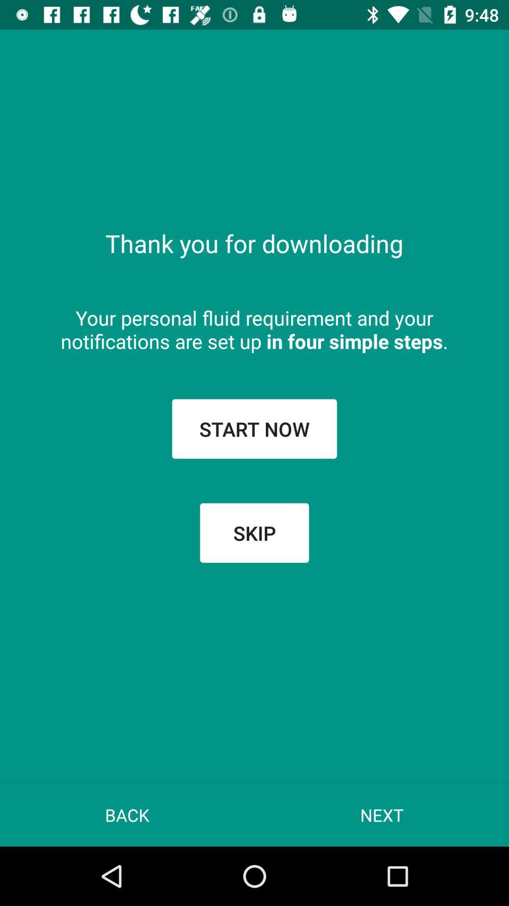  Describe the element at coordinates (382, 814) in the screenshot. I see `app next to the back` at that location.